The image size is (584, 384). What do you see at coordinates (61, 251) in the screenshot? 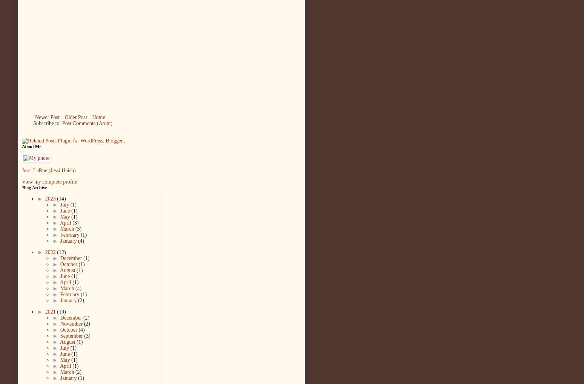
I see `'(12)'` at bounding box center [61, 251].